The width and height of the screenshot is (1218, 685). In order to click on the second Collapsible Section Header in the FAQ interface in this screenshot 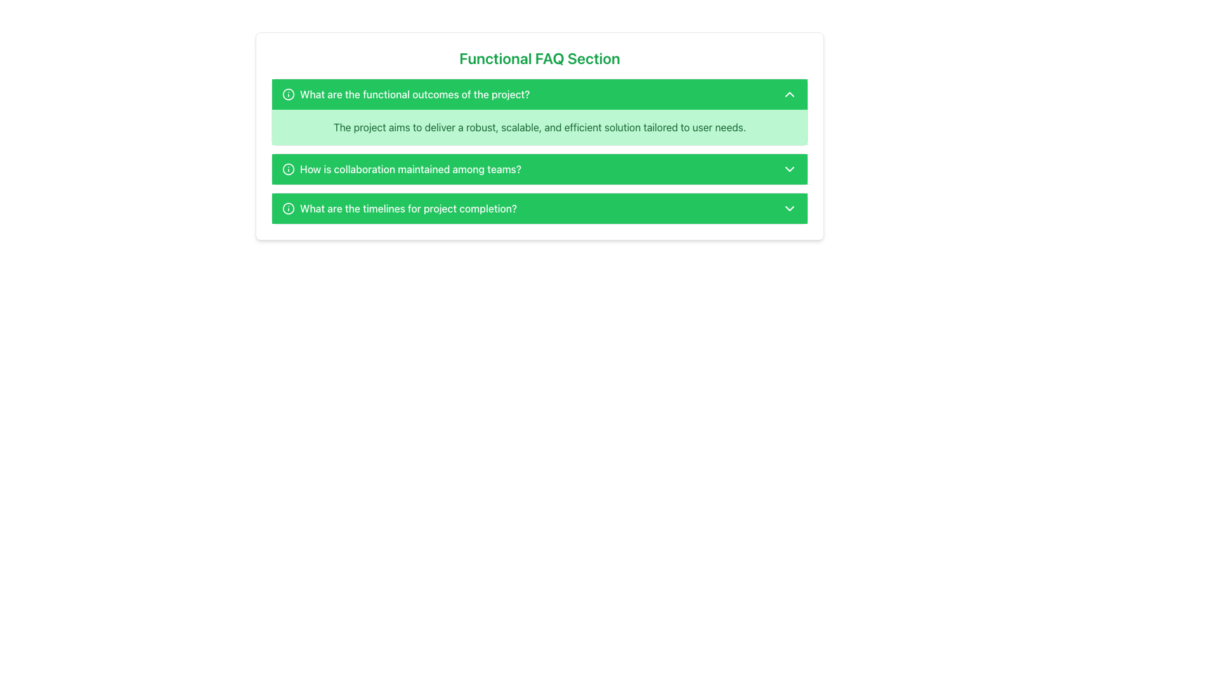, I will do `click(539, 168)`.